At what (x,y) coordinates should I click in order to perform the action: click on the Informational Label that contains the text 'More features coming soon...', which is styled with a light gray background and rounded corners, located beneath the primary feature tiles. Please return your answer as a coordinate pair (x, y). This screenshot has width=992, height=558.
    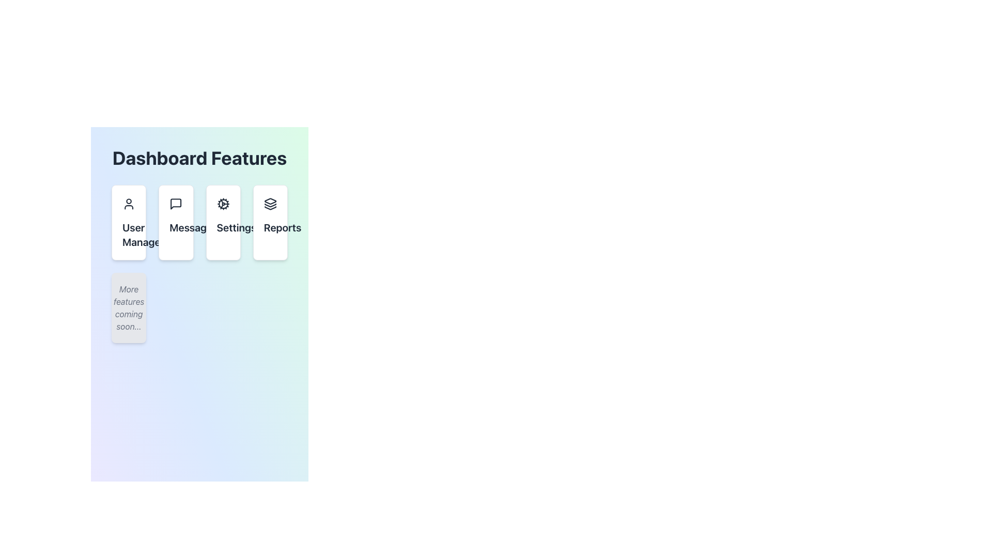
    Looking at the image, I should click on (128, 307).